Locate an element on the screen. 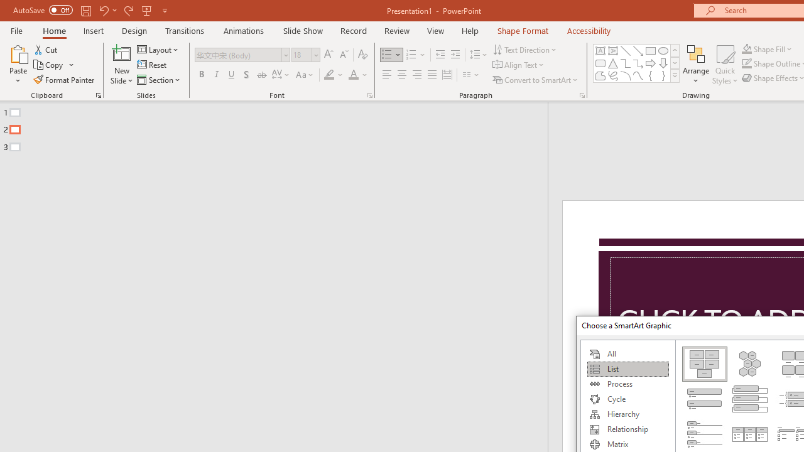  'Row Down' is located at coordinates (674, 63).